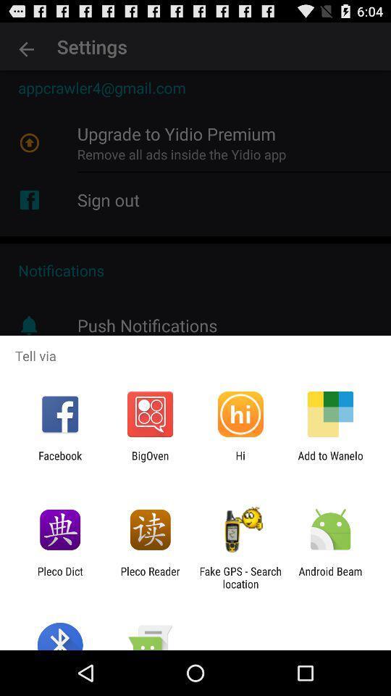  Describe the element at coordinates (330, 577) in the screenshot. I see `app next to the fake gps search item` at that location.